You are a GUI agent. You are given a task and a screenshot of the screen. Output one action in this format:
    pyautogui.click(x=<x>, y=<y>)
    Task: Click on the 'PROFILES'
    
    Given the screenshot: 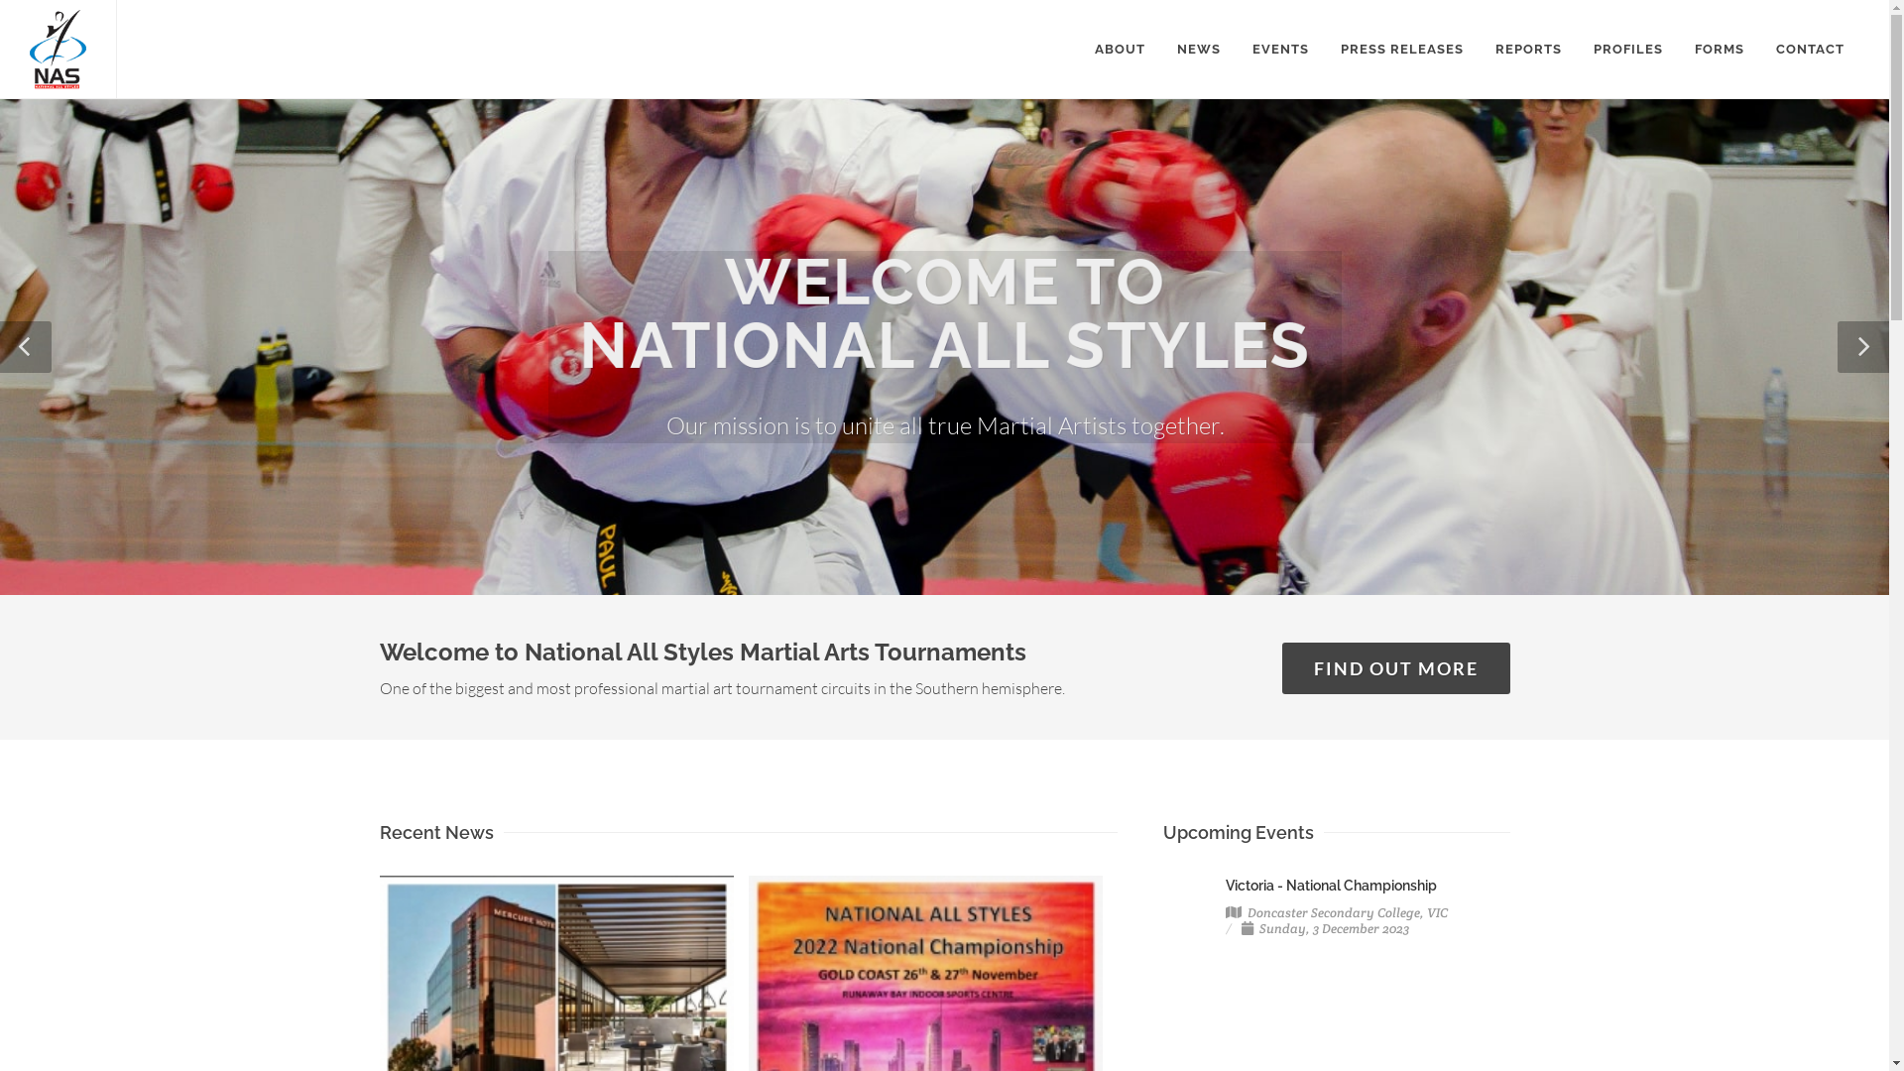 What is the action you would take?
    pyautogui.click(x=1578, y=49)
    